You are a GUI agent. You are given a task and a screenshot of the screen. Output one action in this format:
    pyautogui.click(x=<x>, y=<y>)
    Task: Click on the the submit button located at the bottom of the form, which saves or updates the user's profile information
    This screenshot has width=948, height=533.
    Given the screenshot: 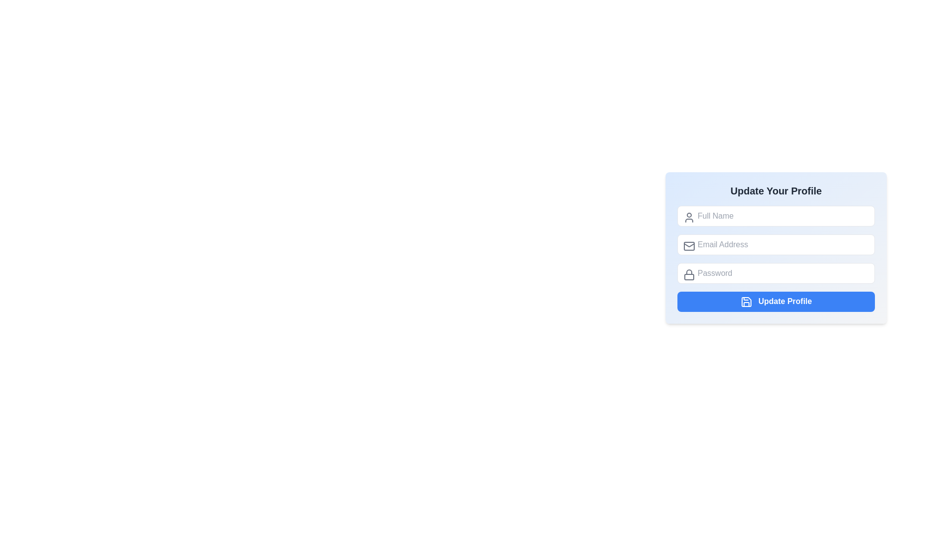 What is the action you would take?
    pyautogui.click(x=775, y=301)
    